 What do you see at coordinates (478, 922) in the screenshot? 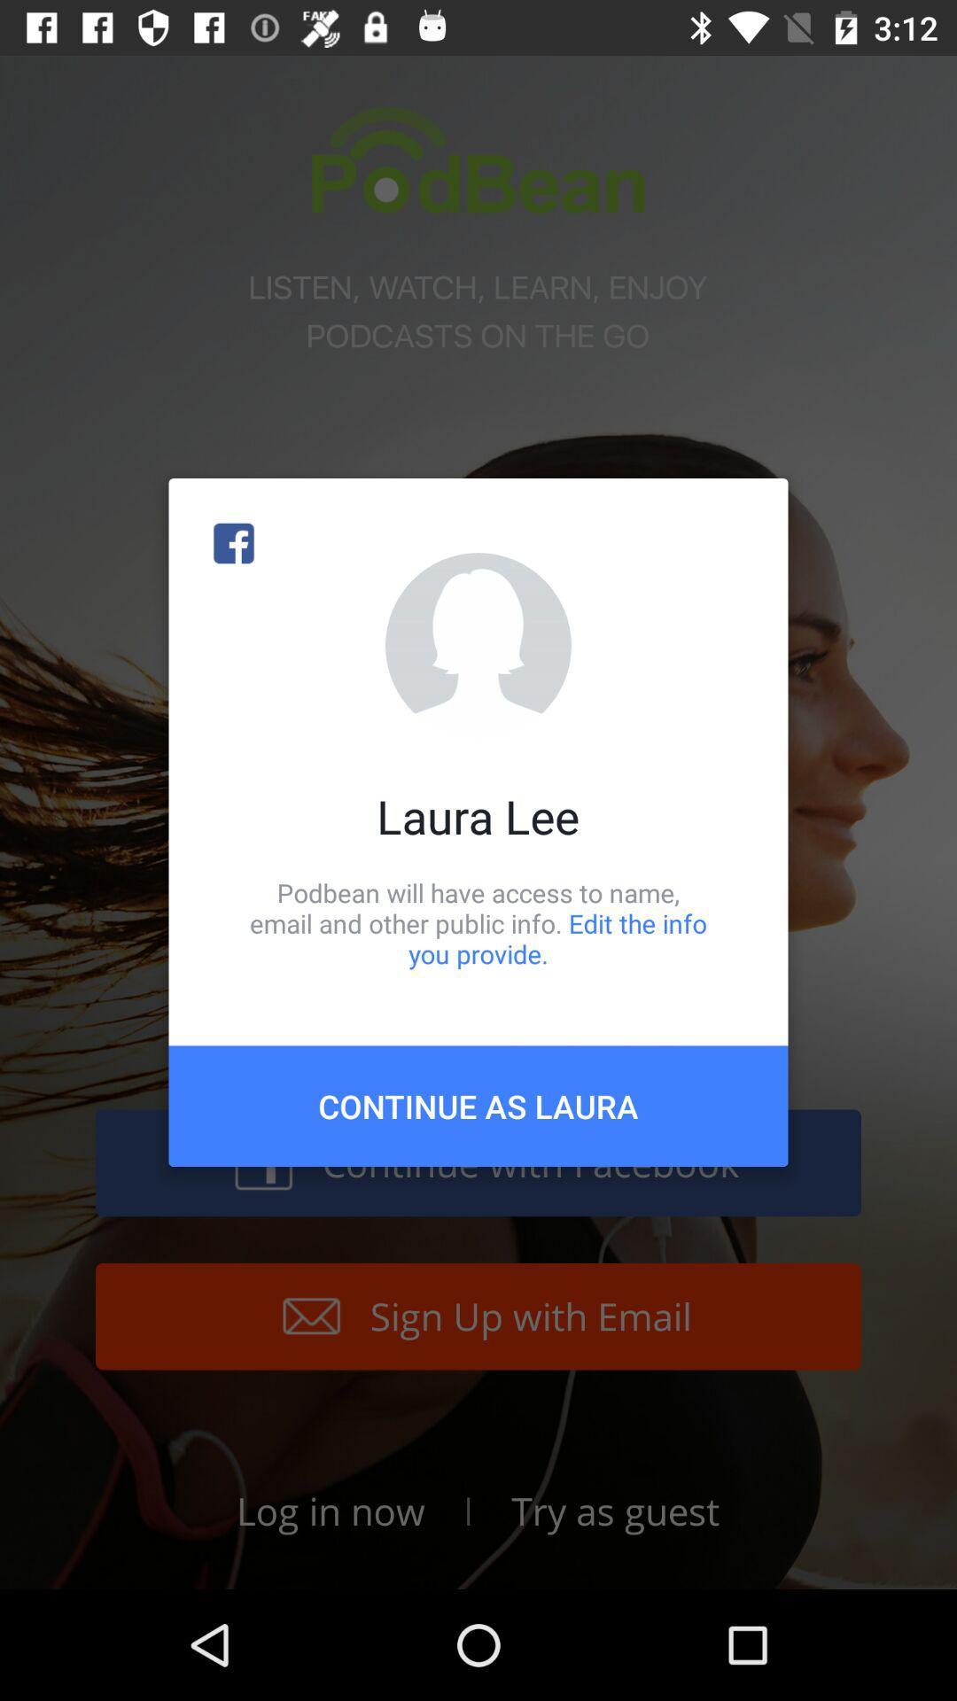
I see `podbean will have` at bounding box center [478, 922].